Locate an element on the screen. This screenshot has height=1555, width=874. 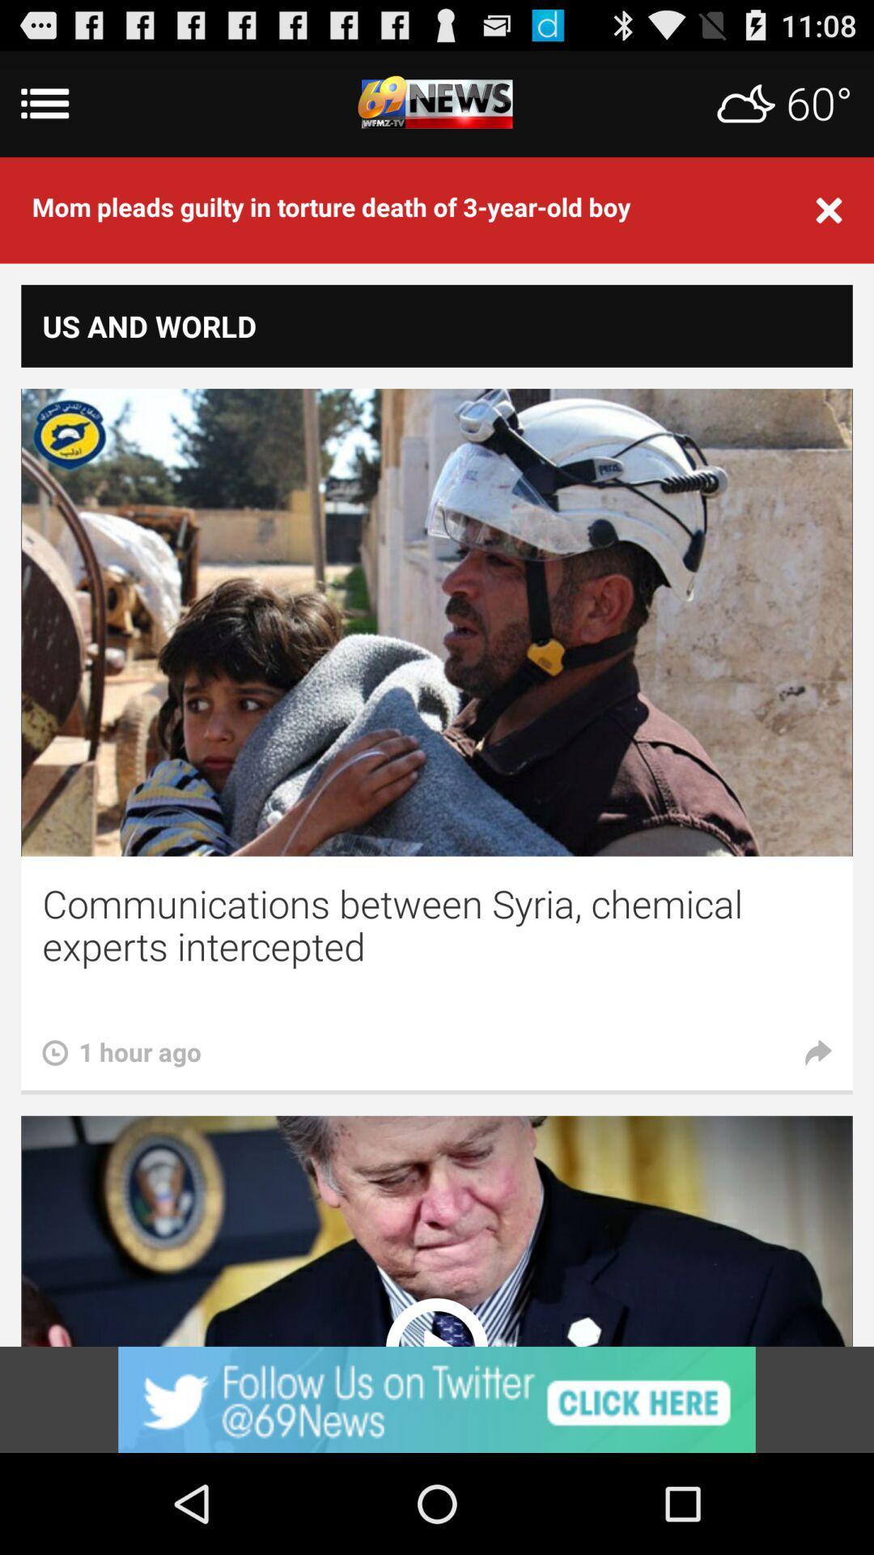
refresh page is located at coordinates (437, 103).